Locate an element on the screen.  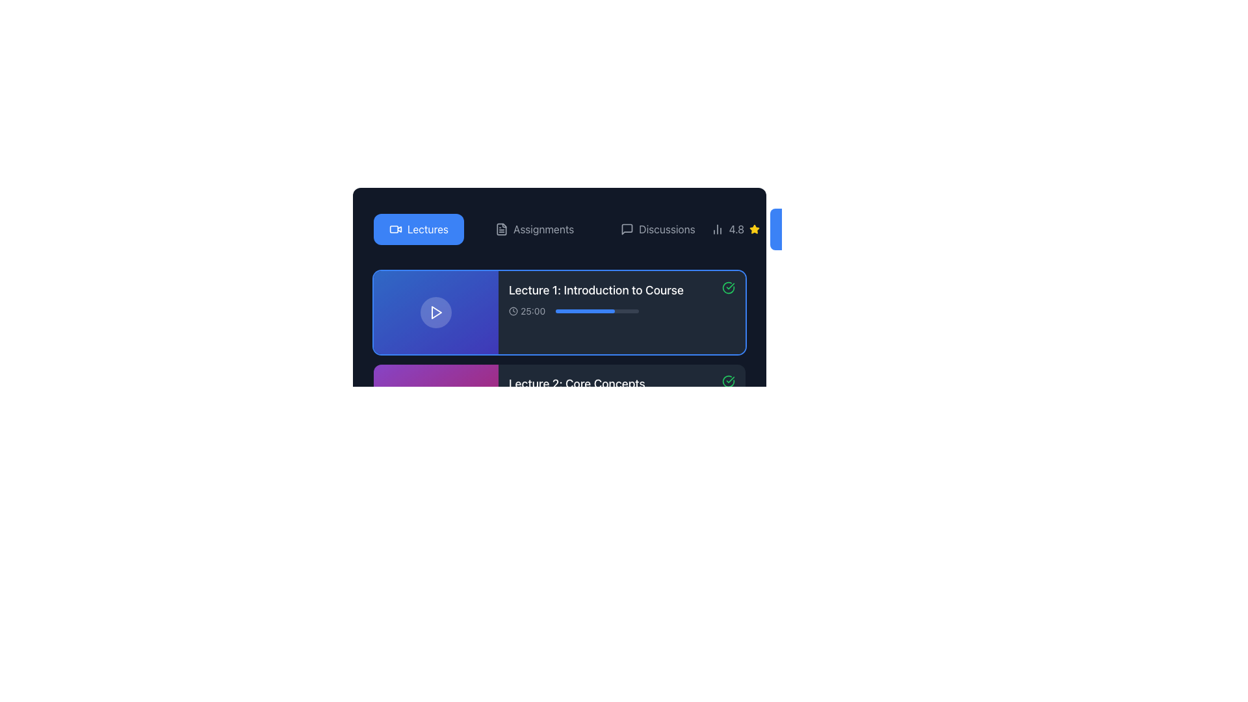
the document icon located in the header bar to the left of the 'Assignments' label is located at coordinates (501, 229).